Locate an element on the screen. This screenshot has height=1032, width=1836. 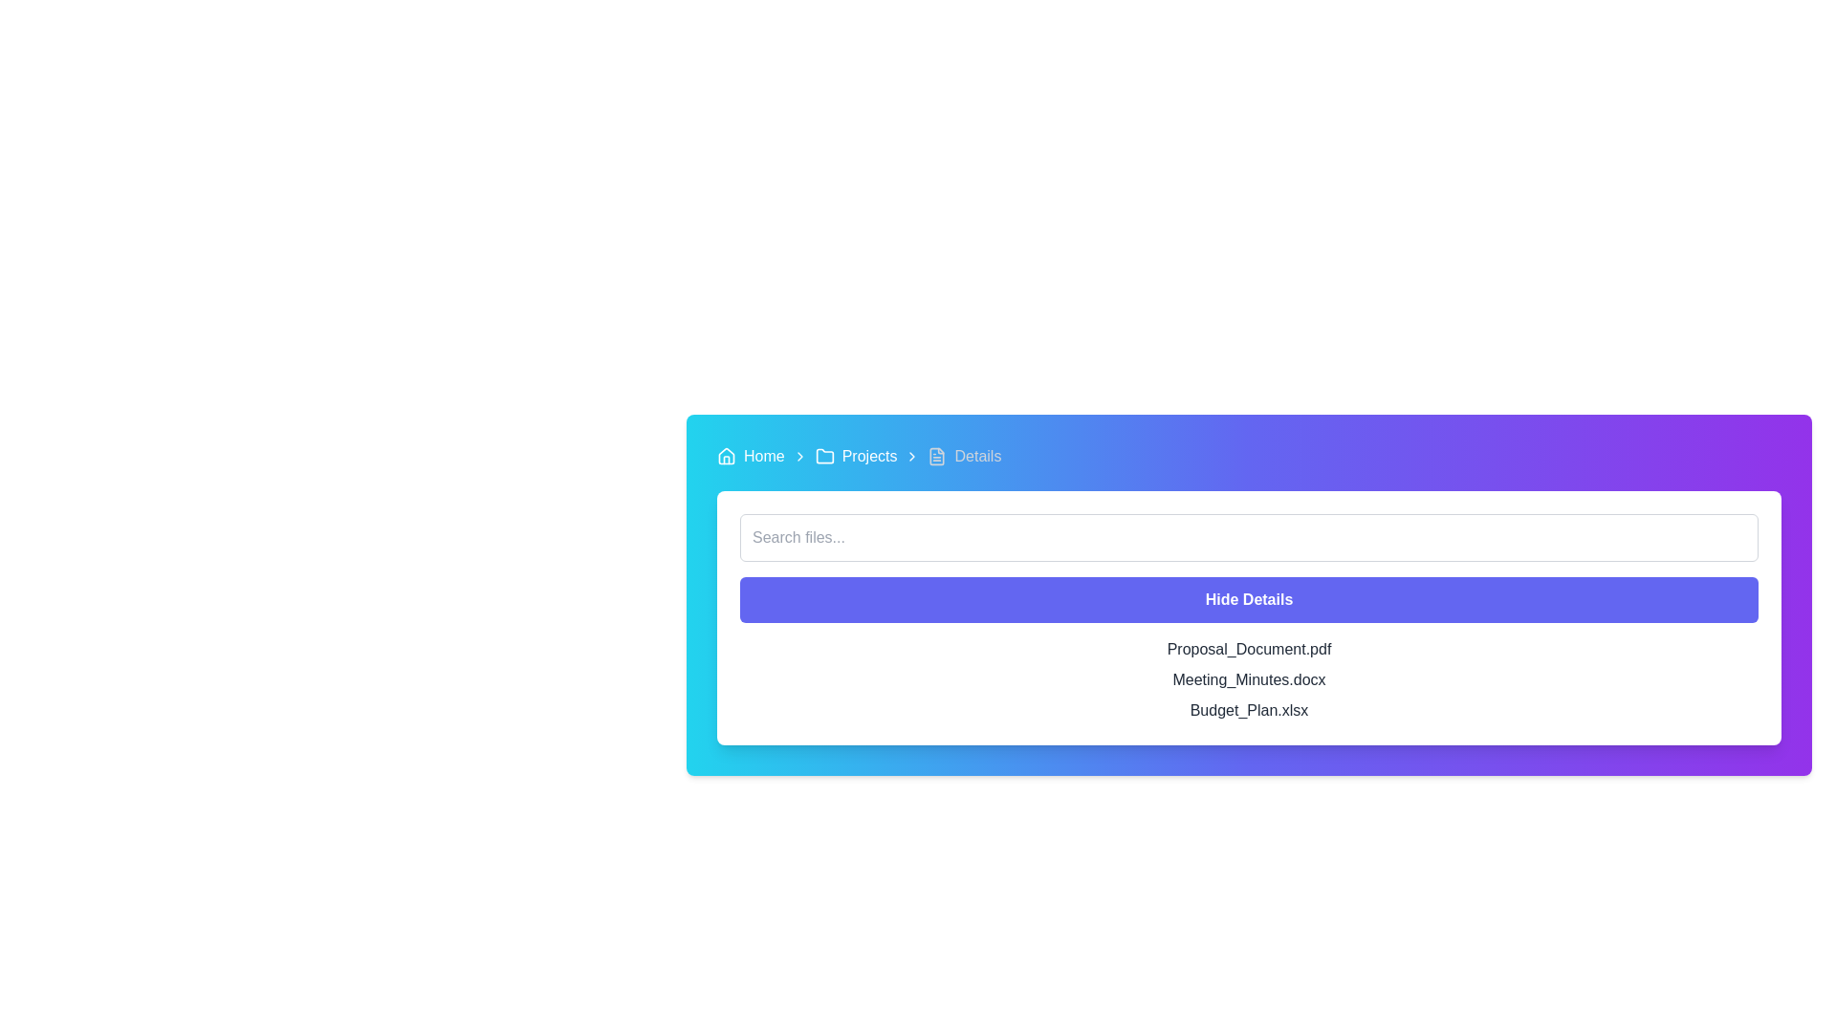
the text label representing the file 'Proposal_Document.pdf' is located at coordinates (1249, 648).